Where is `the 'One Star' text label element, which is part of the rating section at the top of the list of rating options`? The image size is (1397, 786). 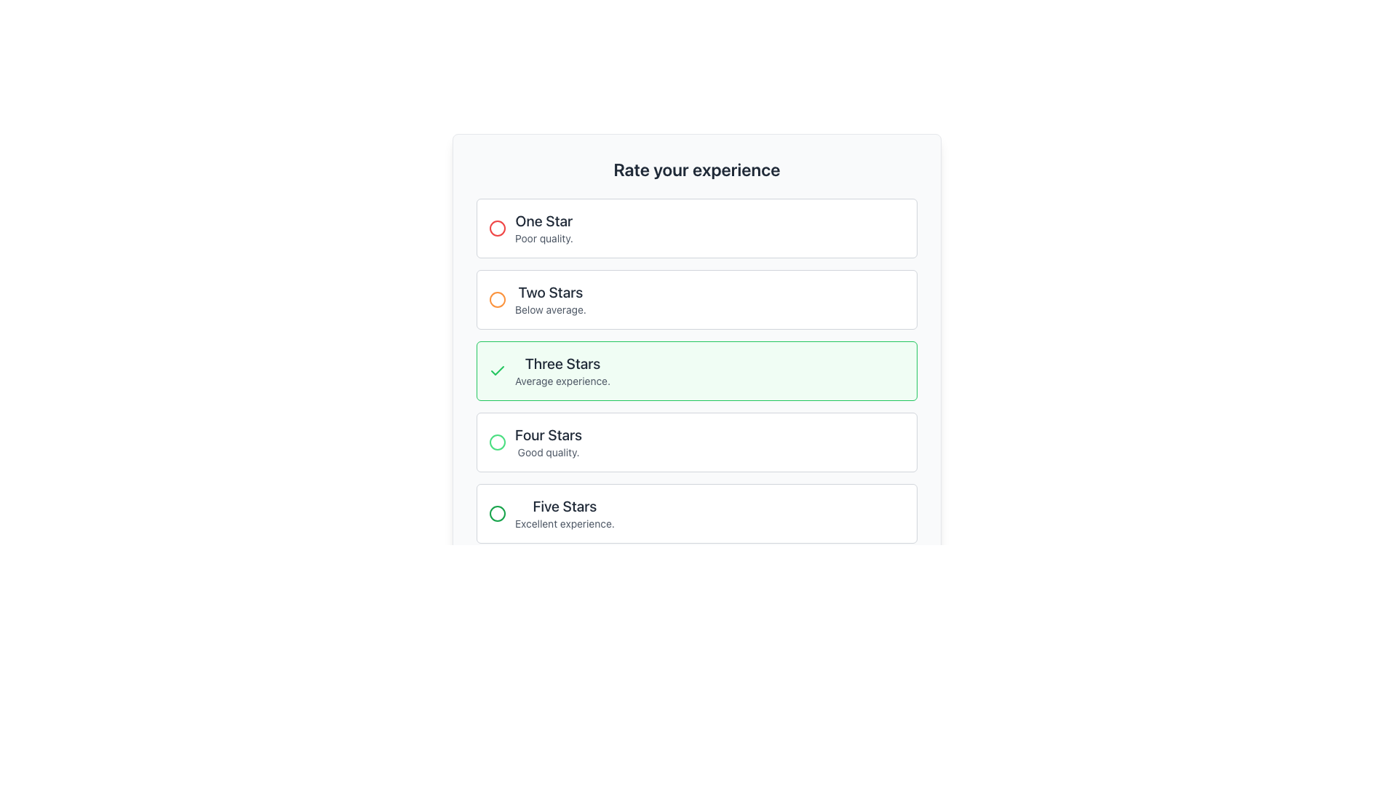
the 'One Star' text label element, which is part of the rating section at the top of the list of rating options is located at coordinates (543, 221).